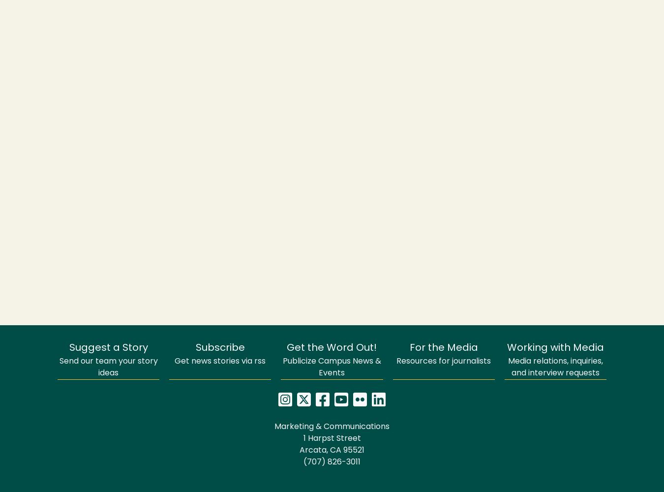 The width and height of the screenshot is (664, 492). Describe the element at coordinates (443, 348) in the screenshot. I see `'For the Media'` at that location.